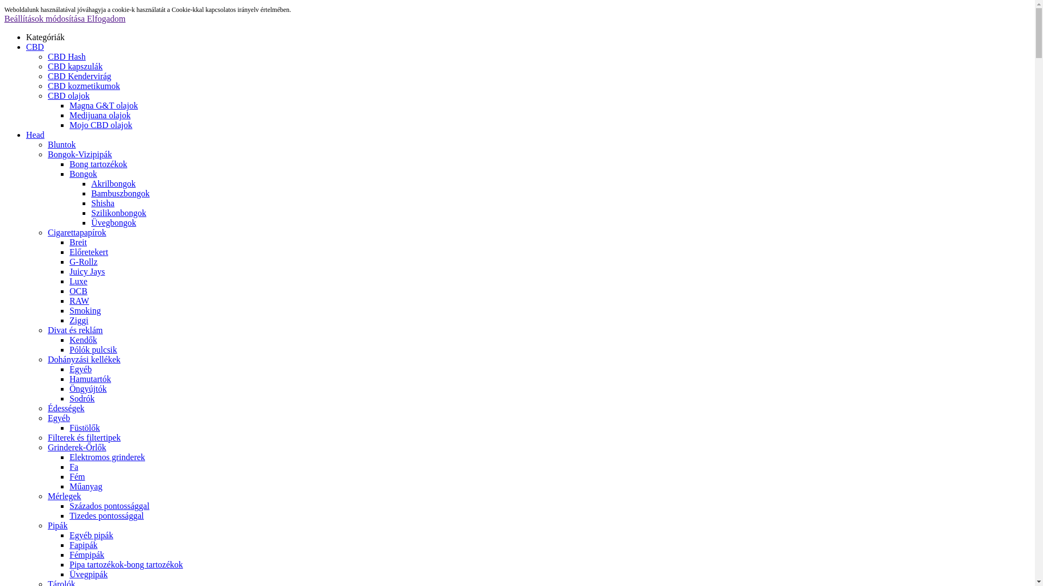 The height and width of the screenshot is (586, 1043). What do you see at coordinates (118, 213) in the screenshot?
I see `'Szilikonbongok'` at bounding box center [118, 213].